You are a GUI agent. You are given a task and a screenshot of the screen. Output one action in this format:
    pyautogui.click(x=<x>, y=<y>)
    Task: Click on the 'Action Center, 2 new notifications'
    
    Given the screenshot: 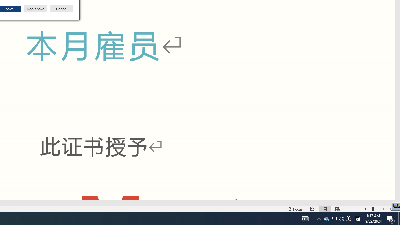 What is the action you would take?
    pyautogui.click(x=391, y=218)
    